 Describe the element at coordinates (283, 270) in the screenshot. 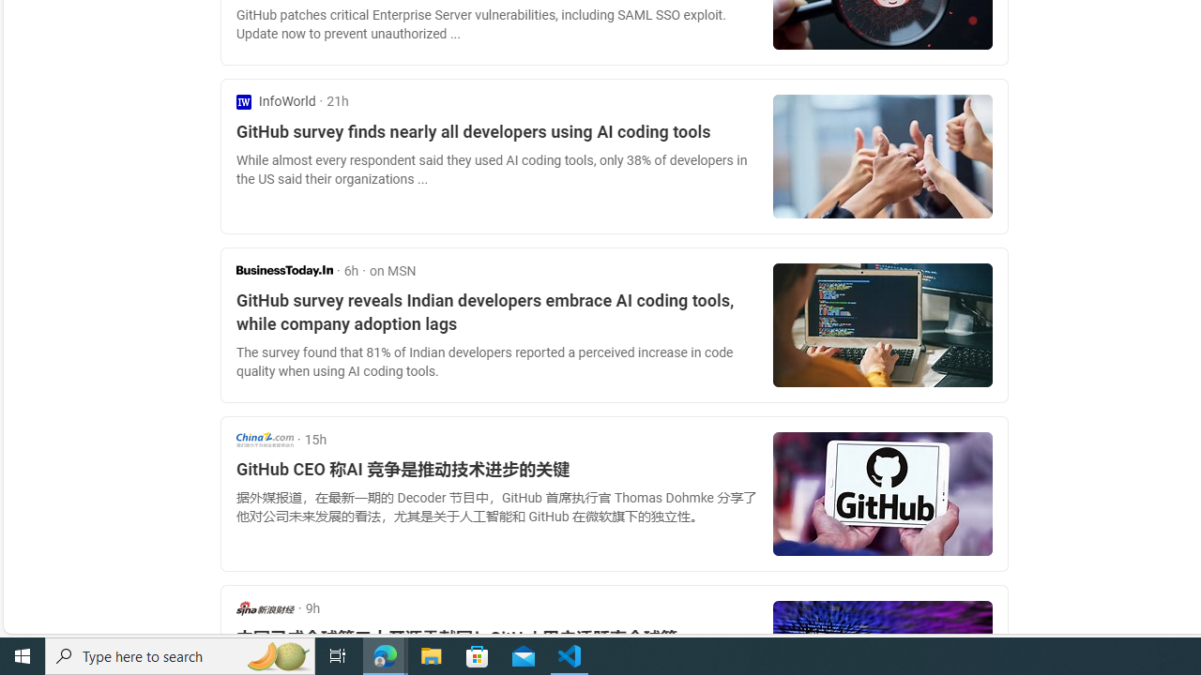

I see `'Business Today'` at that location.